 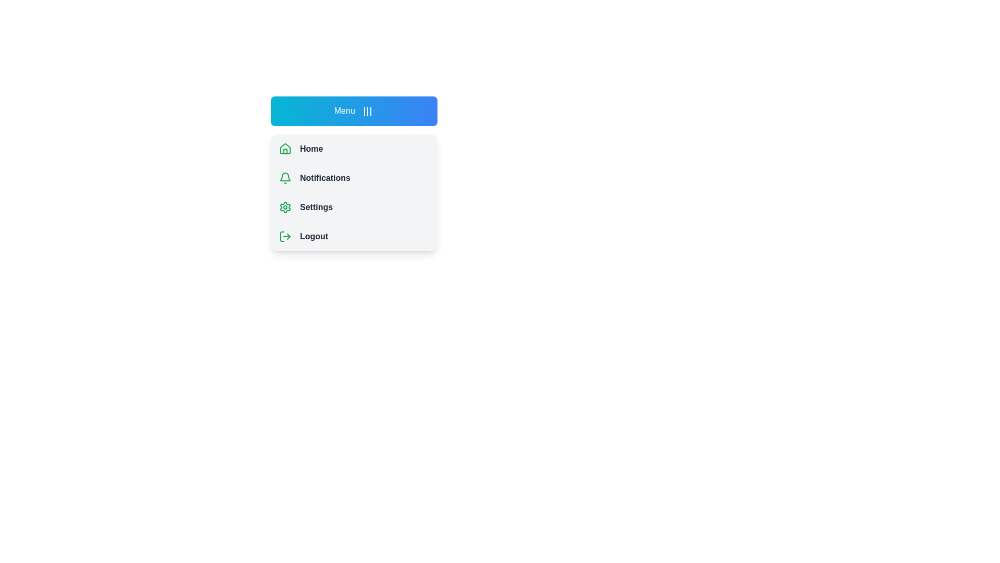 What do you see at coordinates (354, 177) in the screenshot?
I see `the menu item Notifications to highlight it` at bounding box center [354, 177].